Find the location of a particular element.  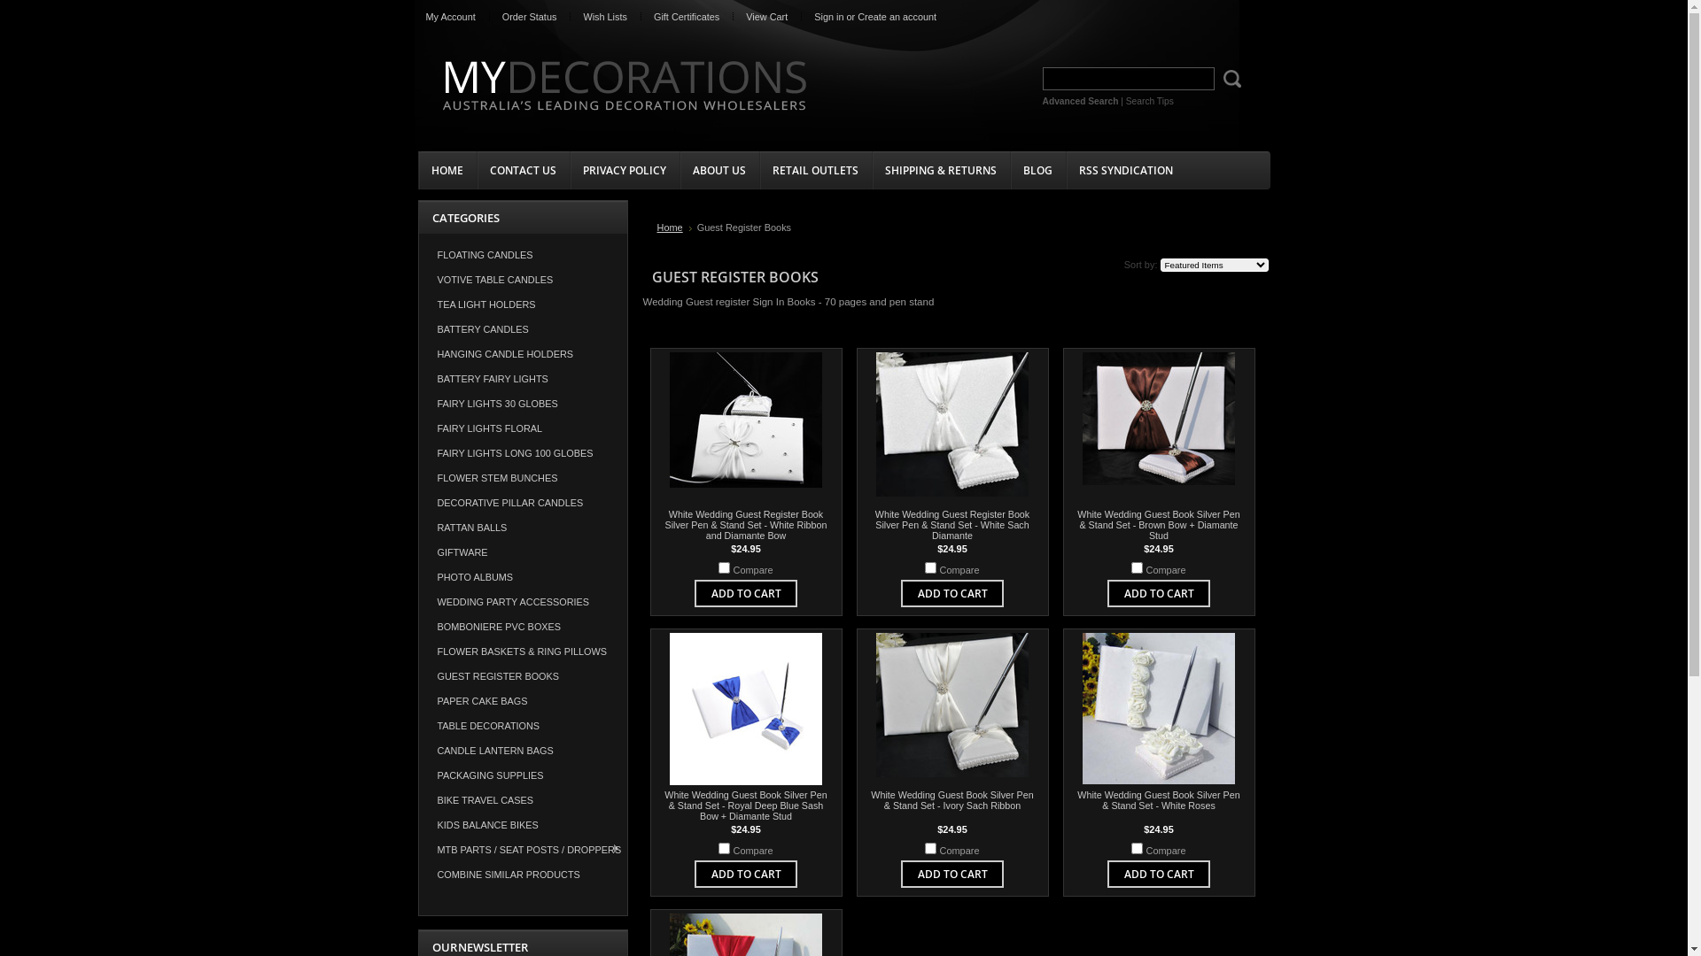

'HANGING CANDLE HOLDERS' is located at coordinates (416, 354).